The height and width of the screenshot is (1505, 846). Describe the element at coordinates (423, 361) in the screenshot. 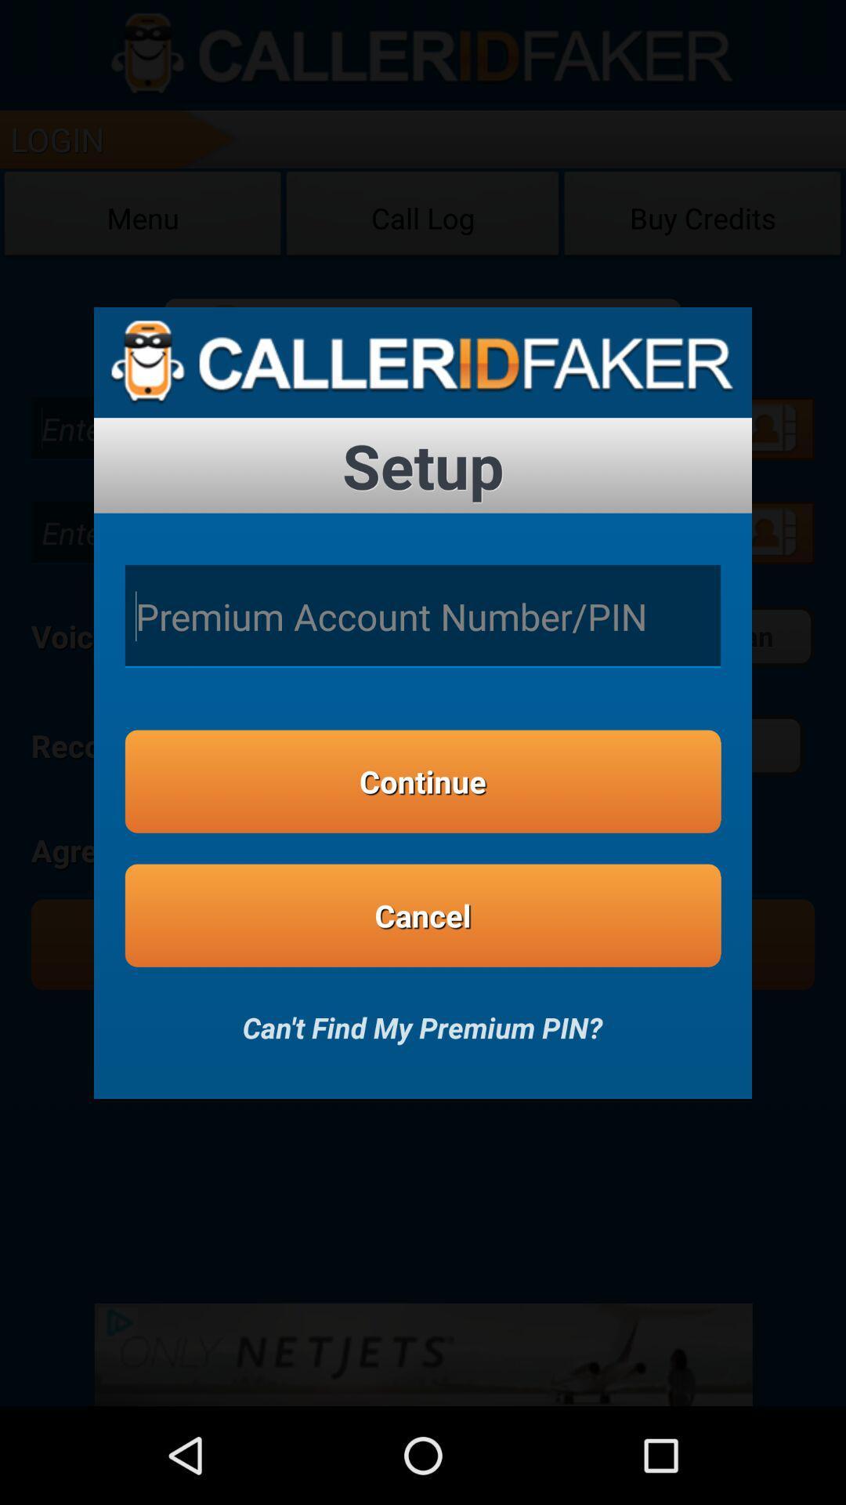

I see `the item above setup icon` at that location.